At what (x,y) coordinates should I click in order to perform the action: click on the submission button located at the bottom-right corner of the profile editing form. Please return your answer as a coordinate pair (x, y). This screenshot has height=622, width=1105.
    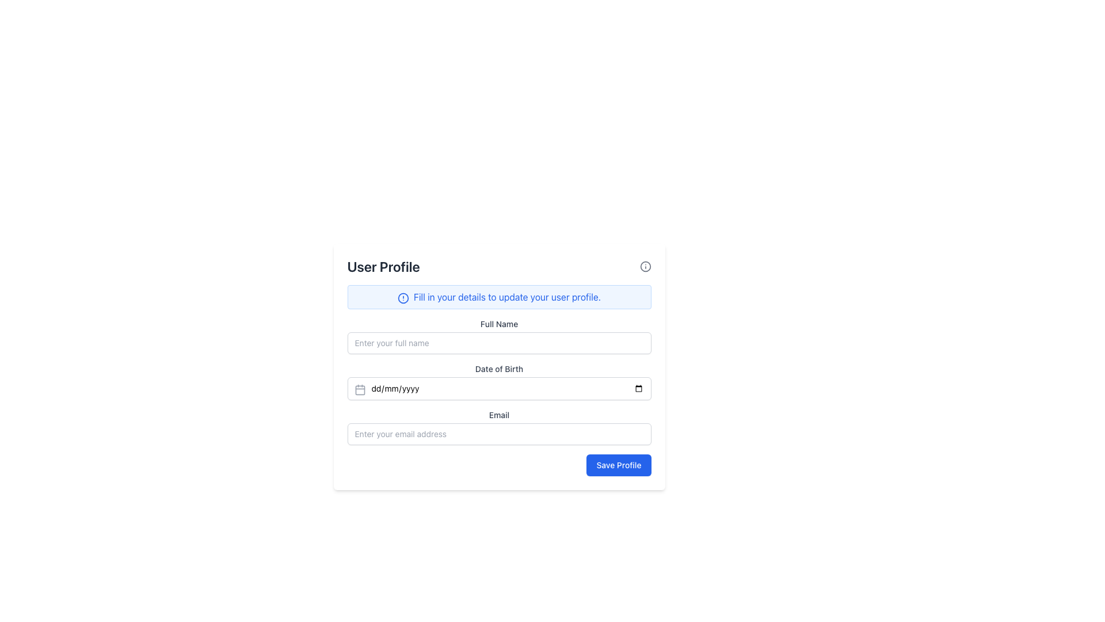
    Looking at the image, I should click on (618, 464).